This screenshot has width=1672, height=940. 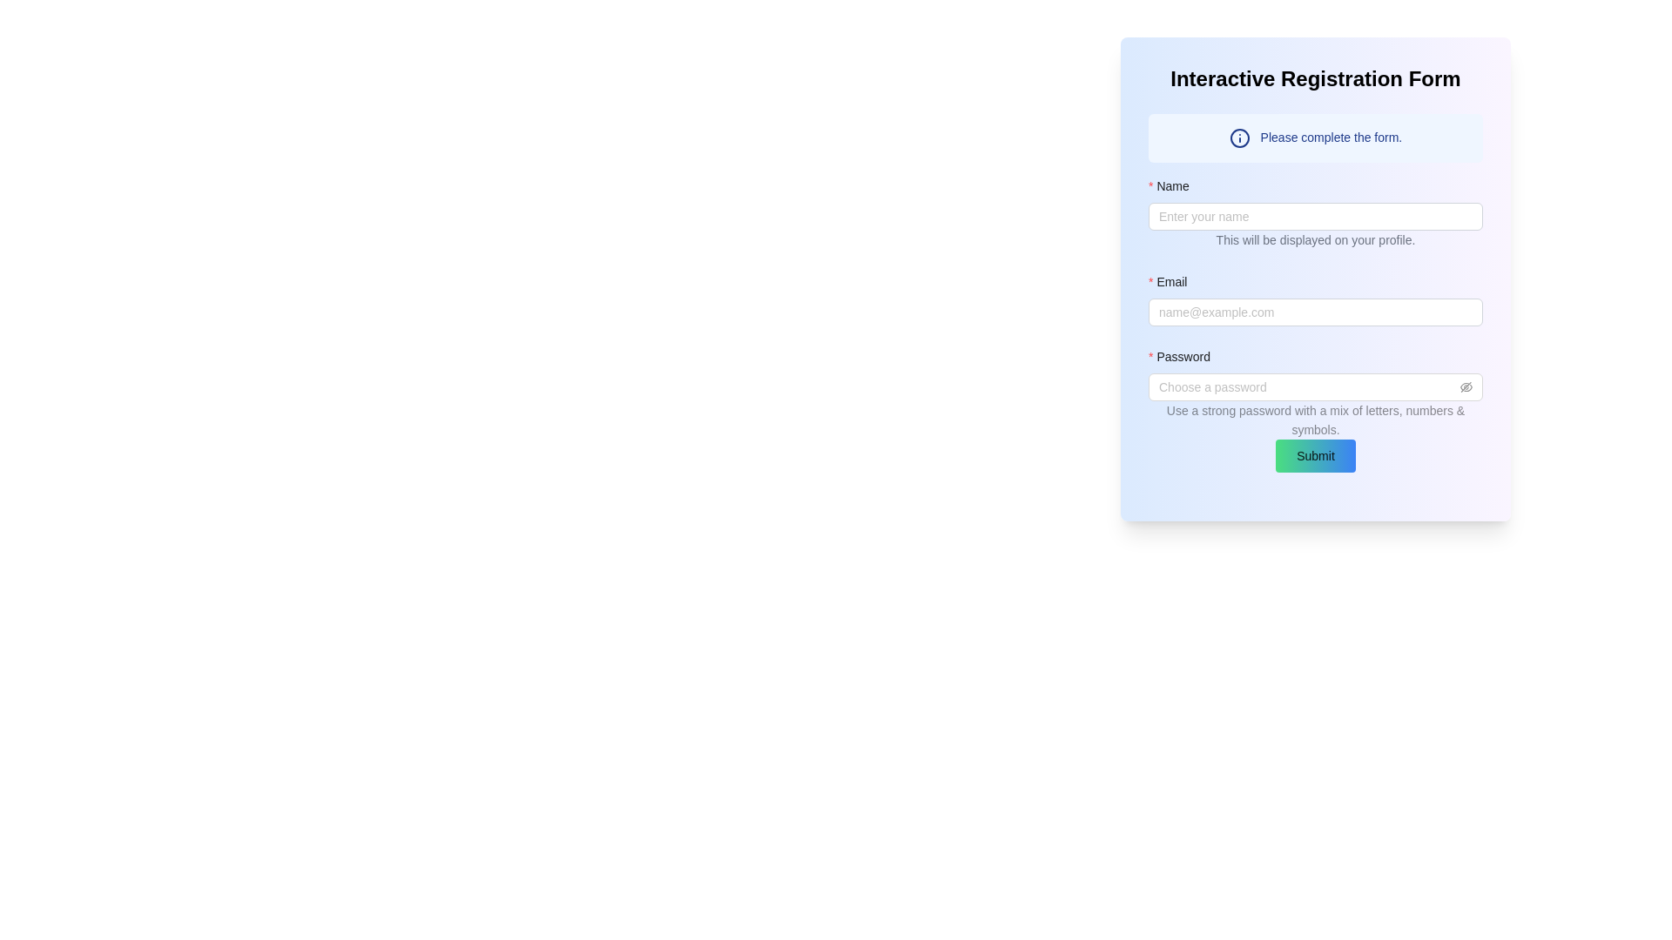 What do you see at coordinates (1316, 455) in the screenshot?
I see `the 'Submit' button, which is a rectangular button with a gradient background transitioning from green to blue, located at the bottom of the registration form` at bounding box center [1316, 455].